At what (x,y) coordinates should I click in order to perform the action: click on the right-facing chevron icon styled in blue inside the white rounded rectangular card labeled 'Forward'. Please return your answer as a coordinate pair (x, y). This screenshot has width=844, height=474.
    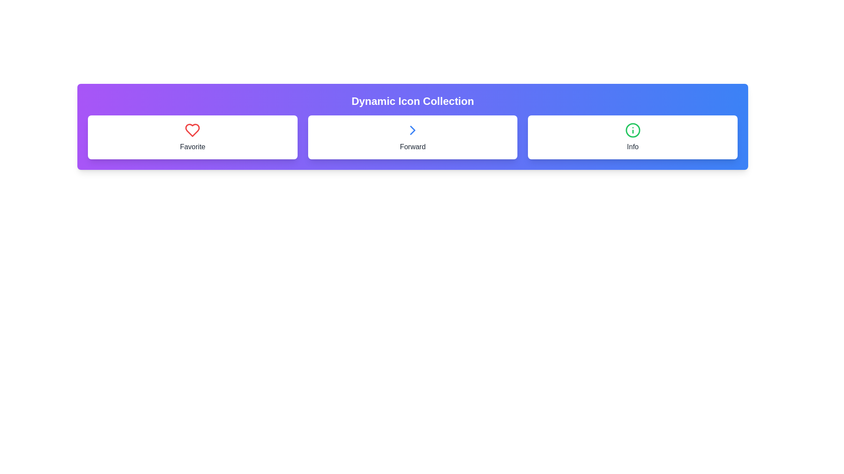
    Looking at the image, I should click on (412, 130).